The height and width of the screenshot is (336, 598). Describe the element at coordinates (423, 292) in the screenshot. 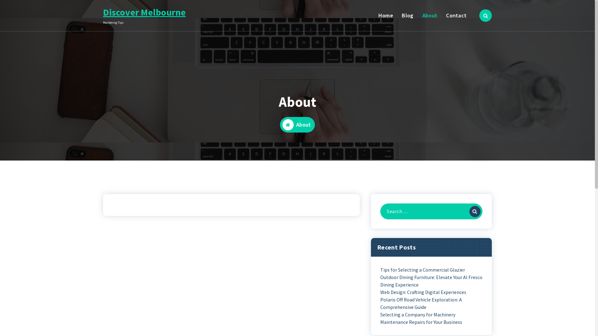

I see `'Web Design: Crafting Digital Experiences'` at that location.